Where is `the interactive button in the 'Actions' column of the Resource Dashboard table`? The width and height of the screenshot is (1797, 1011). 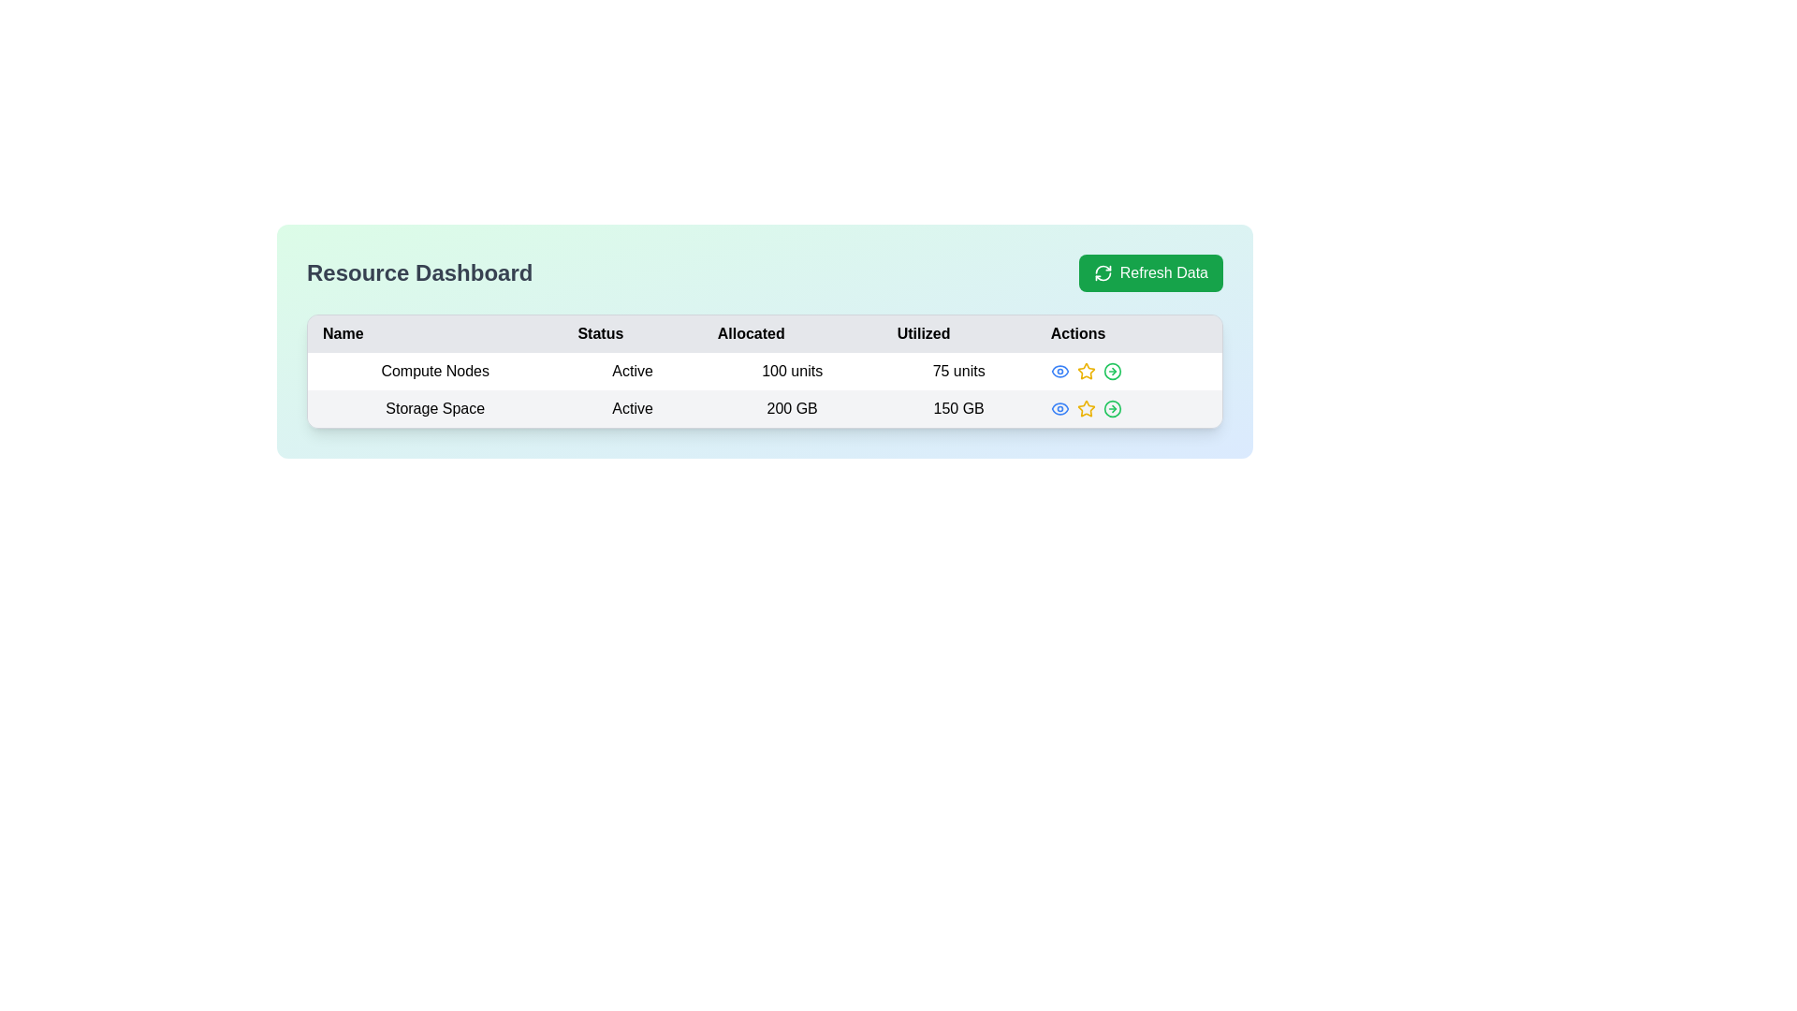
the interactive button in the 'Actions' column of the Resource Dashboard table is located at coordinates (1112, 407).